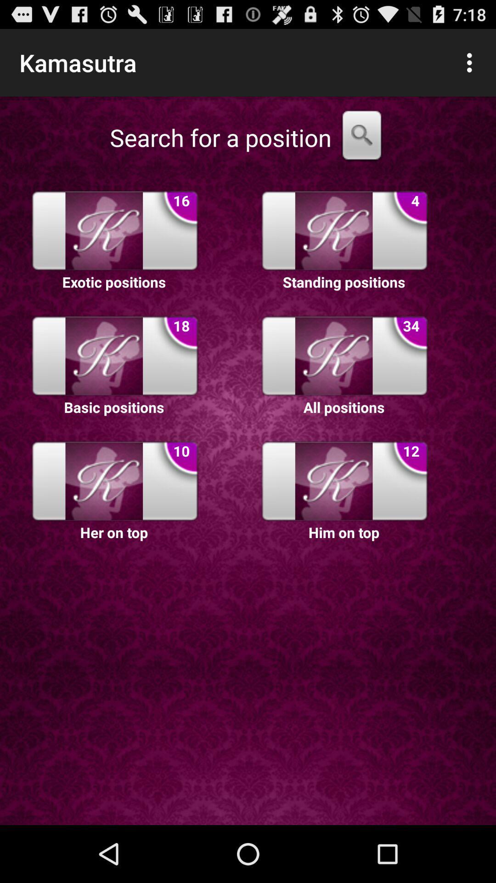 The width and height of the screenshot is (496, 883). Describe the element at coordinates (472, 62) in the screenshot. I see `app next to the kamasutra icon` at that location.